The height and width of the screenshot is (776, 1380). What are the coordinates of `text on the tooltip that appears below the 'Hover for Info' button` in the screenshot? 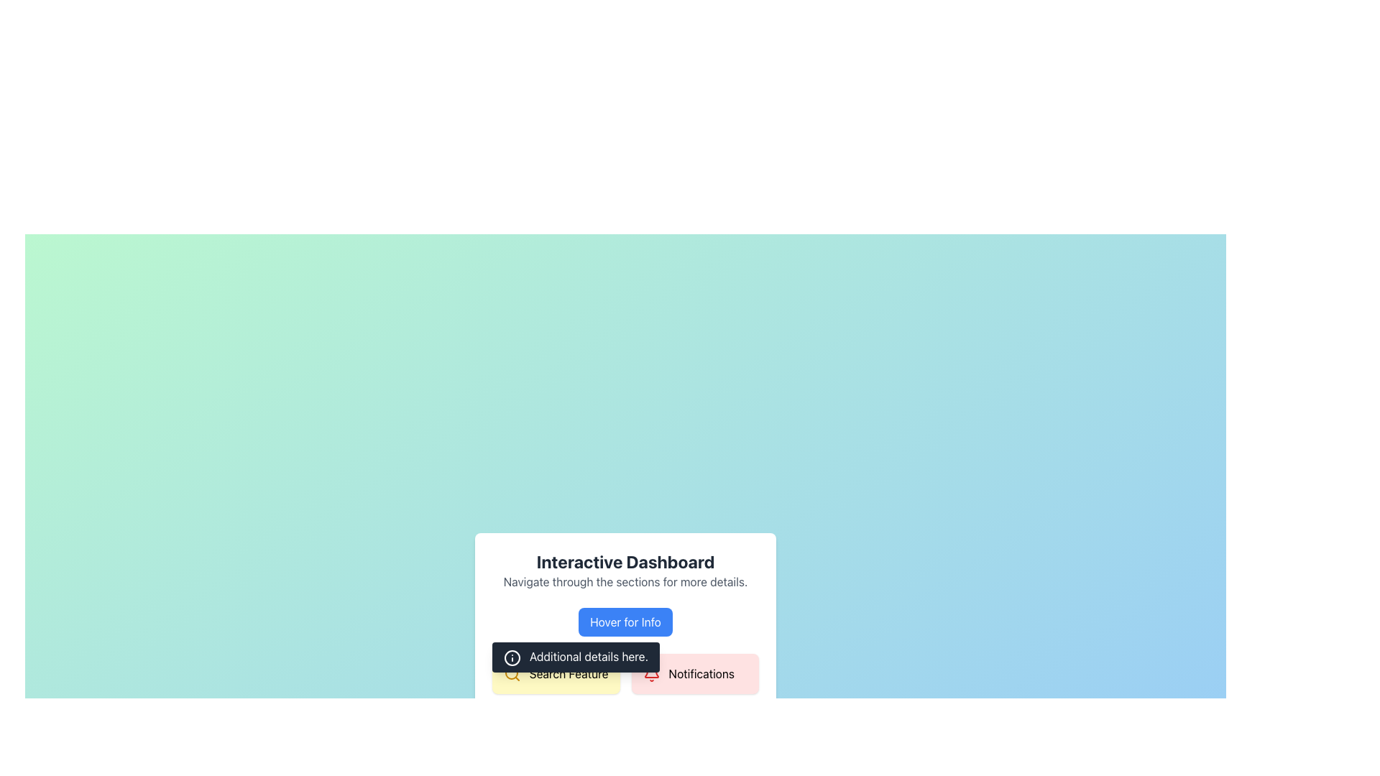 It's located at (576, 657).